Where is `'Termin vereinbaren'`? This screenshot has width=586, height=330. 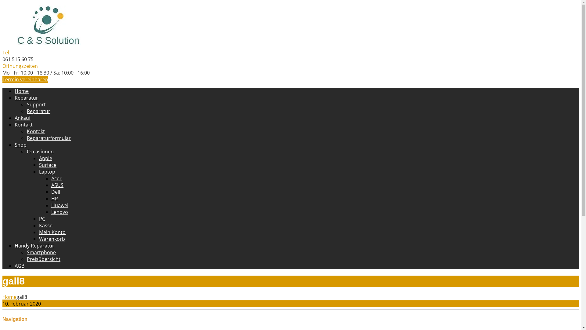
'Termin vereinbaren' is located at coordinates (25, 79).